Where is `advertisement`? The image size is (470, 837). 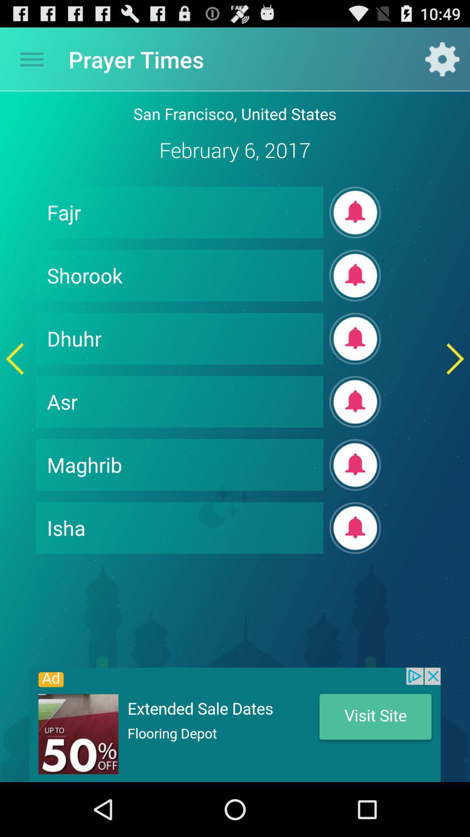 advertisement is located at coordinates (235, 725).